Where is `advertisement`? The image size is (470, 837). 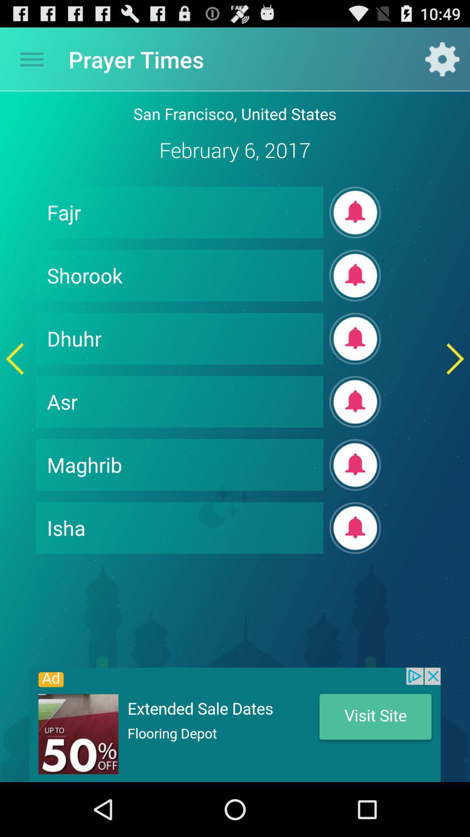 advertisement is located at coordinates (235, 725).